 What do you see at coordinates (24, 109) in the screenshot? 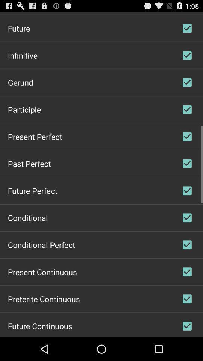
I see `the item above the present perfect icon` at bounding box center [24, 109].